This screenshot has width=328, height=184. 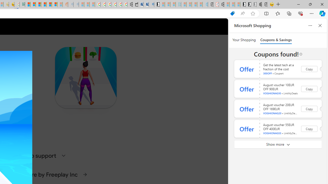 I want to click on 'Expert Portfolios', so click(x=44, y=4).